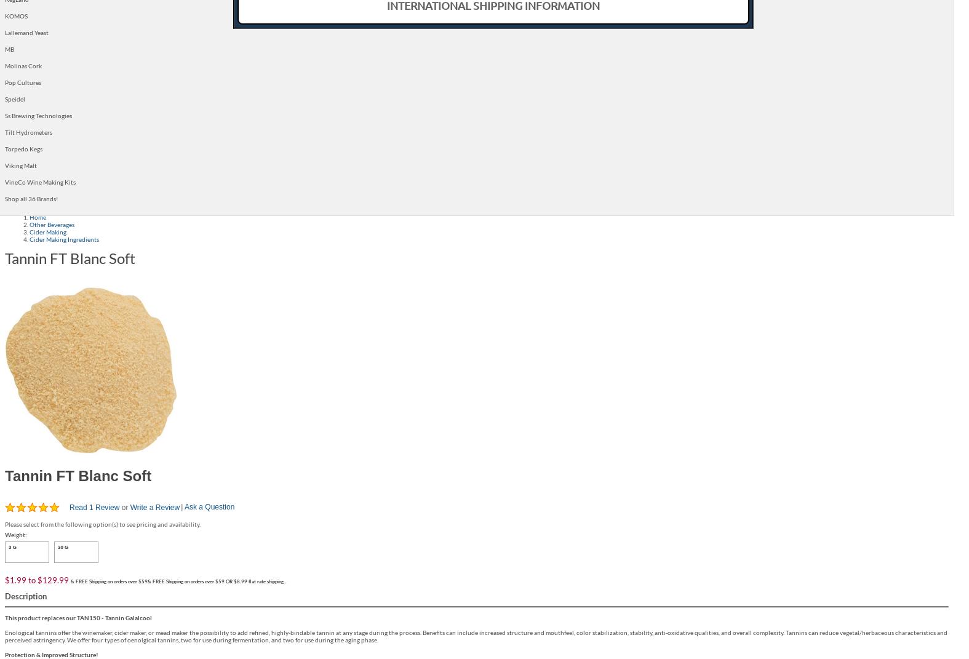 The width and height of the screenshot is (969, 659). What do you see at coordinates (78, 617) in the screenshot?
I see `'This product replaces our TAN150 - Tannin Galalcool'` at bounding box center [78, 617].